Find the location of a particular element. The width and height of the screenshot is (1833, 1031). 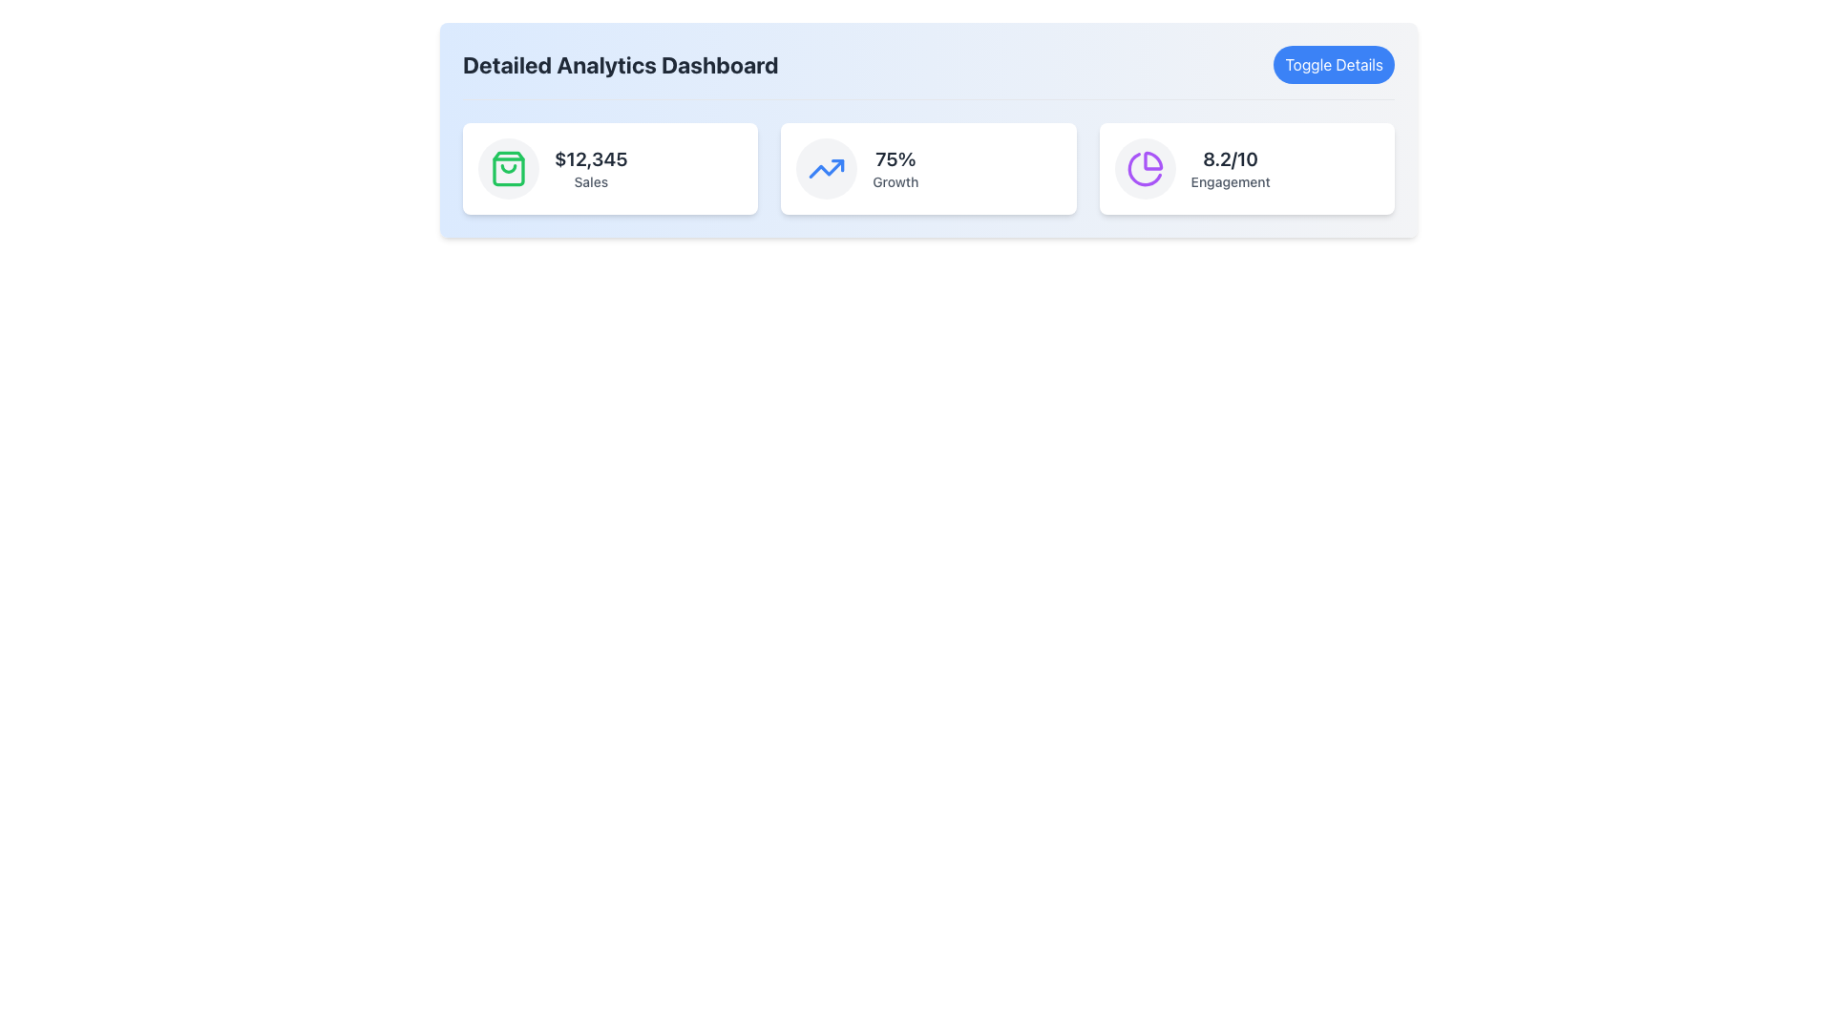

the monetary value text element displaying '$12,345', which is styled bold and large, located above the 'Sales' text and adjacent to the green shopping bag icon in the top-left section of the dashboard interface is located at coordinates (590, 158).